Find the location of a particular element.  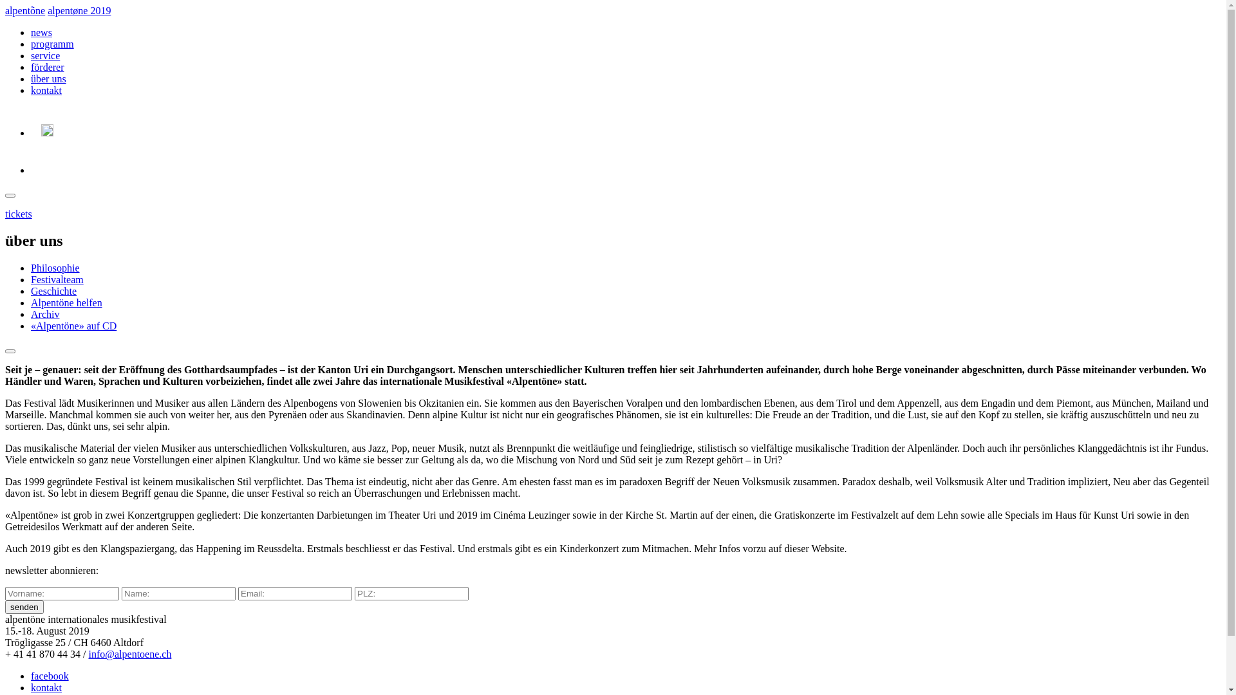

'facebook' is located at coordinates (31, 675).